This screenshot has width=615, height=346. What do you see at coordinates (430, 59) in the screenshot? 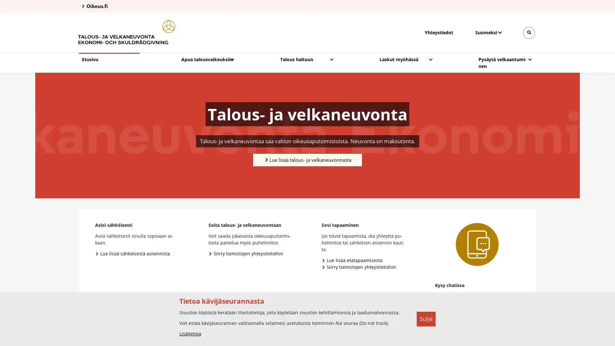
I see `Avaa pudotusvalikko` at bounding box center [430, 59].